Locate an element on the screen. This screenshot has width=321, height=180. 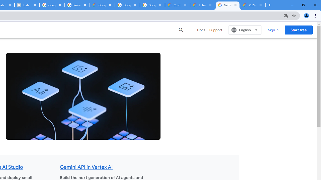
'Docs' is located at coordinates (201, 30).